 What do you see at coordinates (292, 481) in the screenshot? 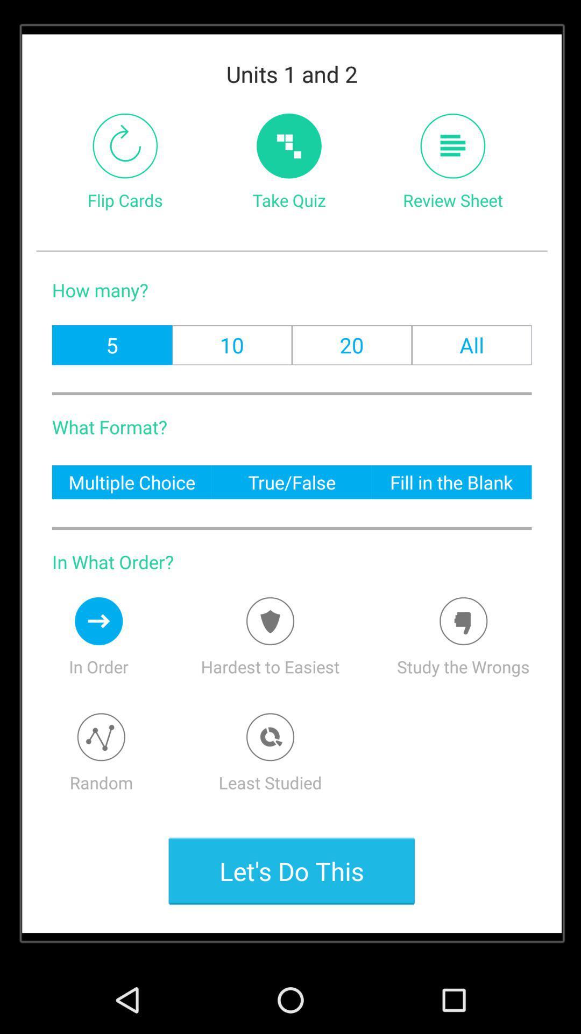
I see `the item next to the fill in the` at bounding box center [292, 481].